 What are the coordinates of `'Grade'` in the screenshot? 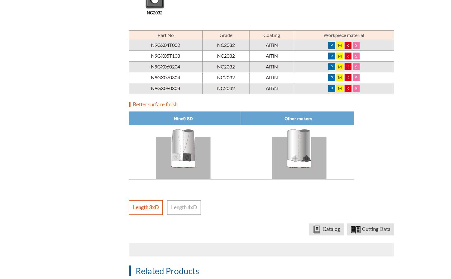 It's located at (219, 35).